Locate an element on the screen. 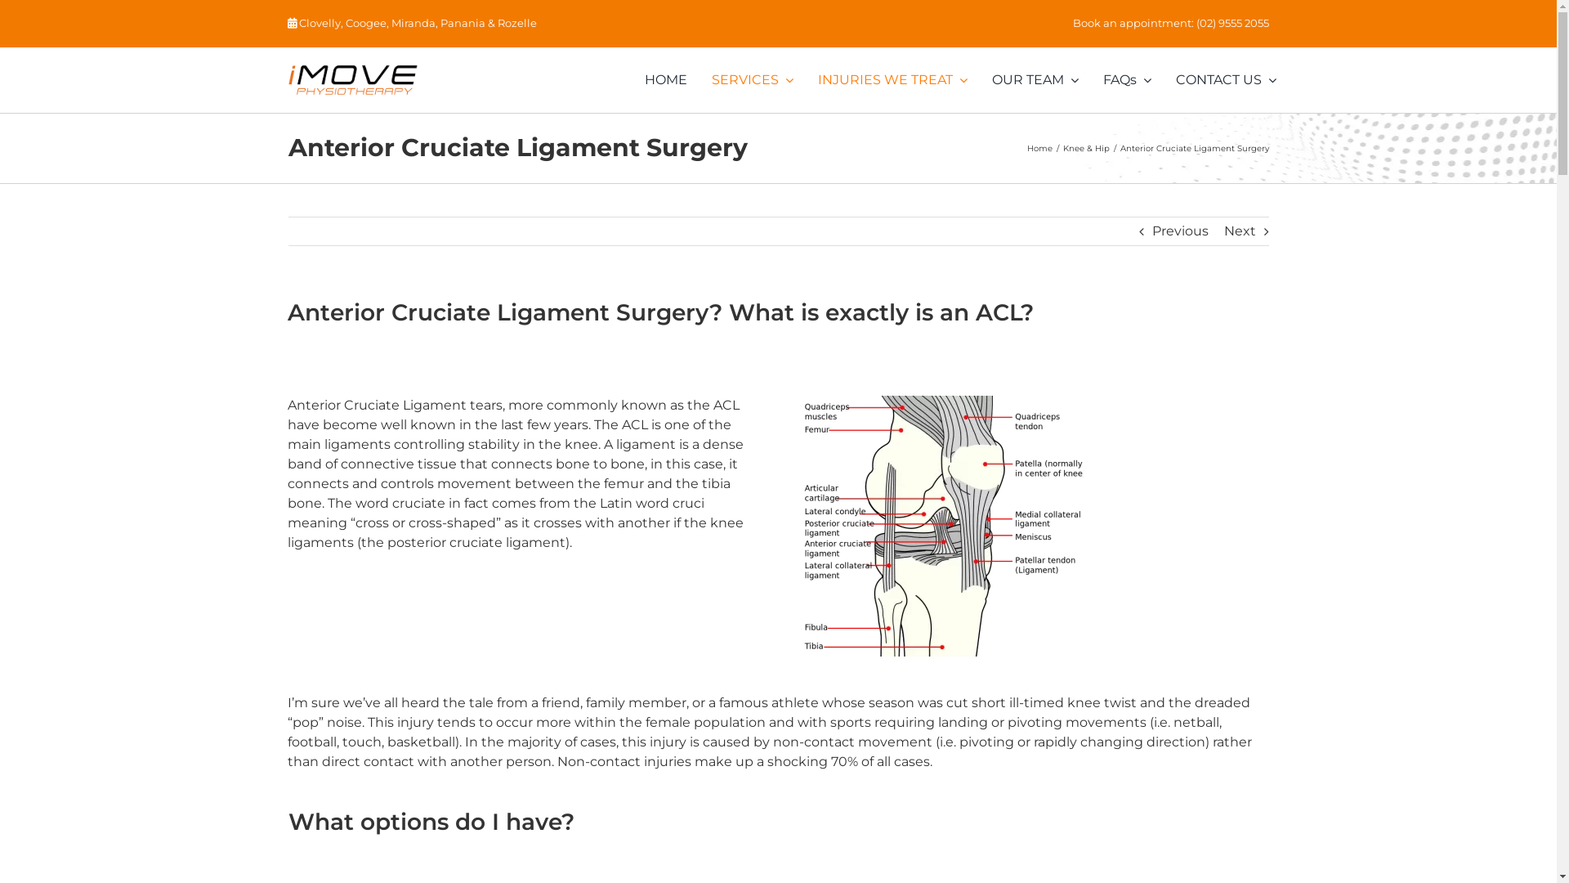  'Home' is located at coordinates (1038, 147).